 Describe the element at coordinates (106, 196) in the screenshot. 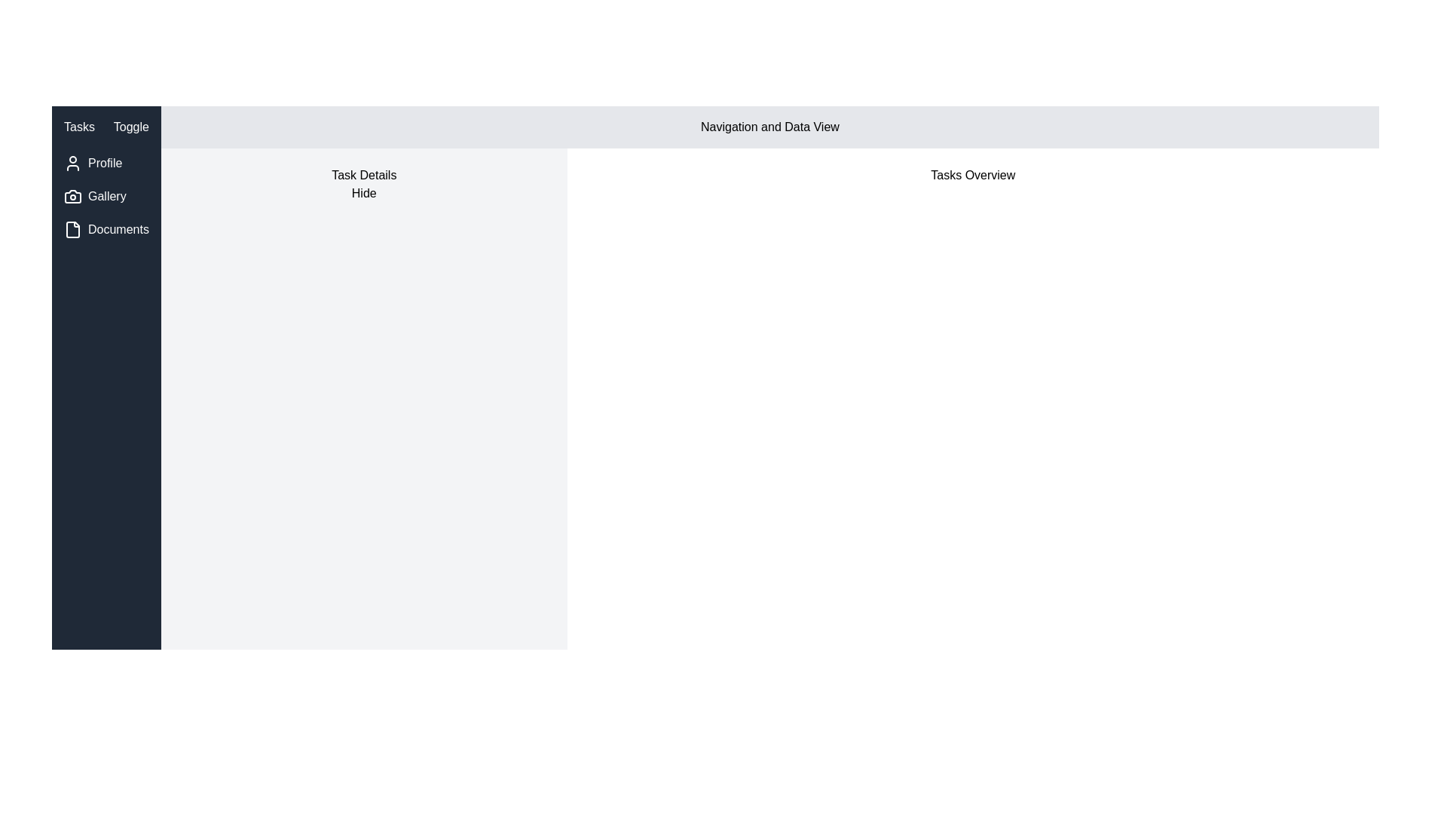

I see `the 'Gallery' text label, which is styled with white text on a dark background, located in the second option of the vertical list on the left sidebar, aligned to the right of a camera icon` at that location.